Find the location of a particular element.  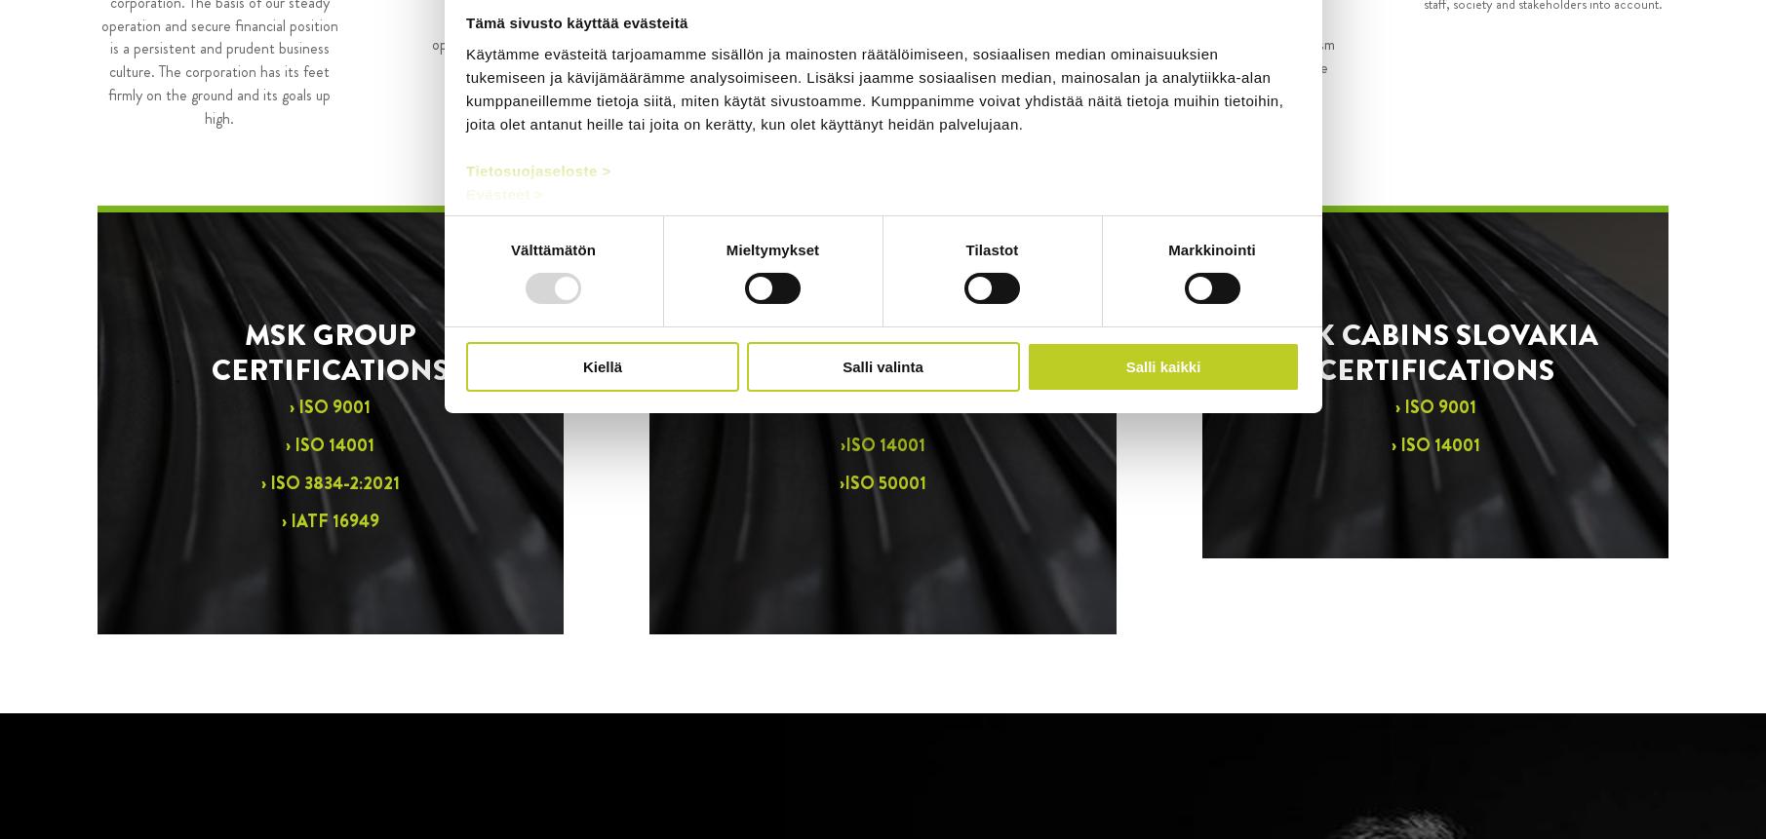

'Käytämme evästeitä tarjoamamme sisällön ja mainosten räätälöimiseen, sosiaalisen median ominaisuuksien tukemiseen ja kävijämäärämme analysoimiseen. Lisäksi jaamme sosiaalisen median, mainosalan ja analytiikka-alan kumppaneillemme tietoja siitä, miten käytät sivustoamme. Kumppanimme voivat yhdistää näitä tietoja muihin tietoihin, joita olet antanut heille tai joita on kerätty, kun olet käyttänyt heidän palvelujaan.' is located at coordinates (874, 87).